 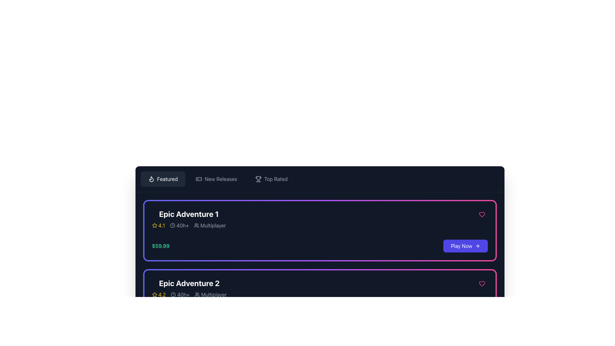 What do you see at coordinates (210, 225) in the screenshot?
I see `the content of the Text with icon indicating multiplayer functionality, which is the third item in the horizontal flex layout of the 'Epic Adventure 1' card` at bounding box center [210, 225].